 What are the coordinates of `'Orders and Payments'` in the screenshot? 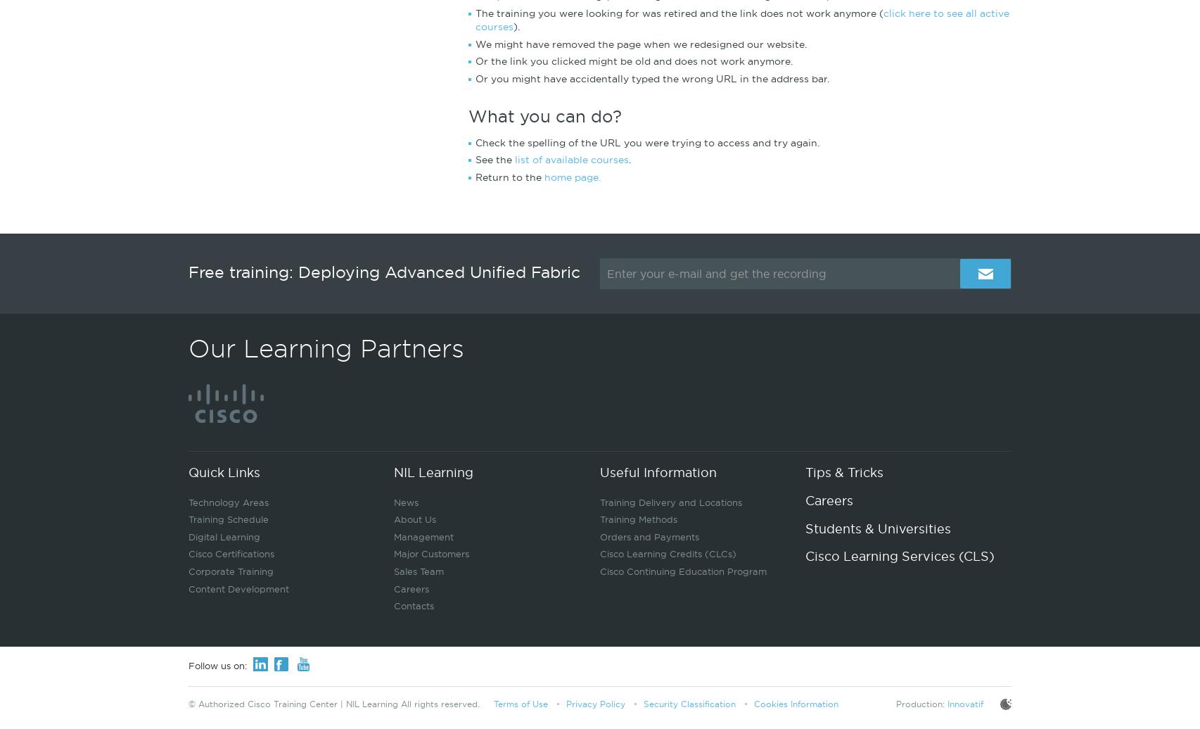 It's located at (649, 535).